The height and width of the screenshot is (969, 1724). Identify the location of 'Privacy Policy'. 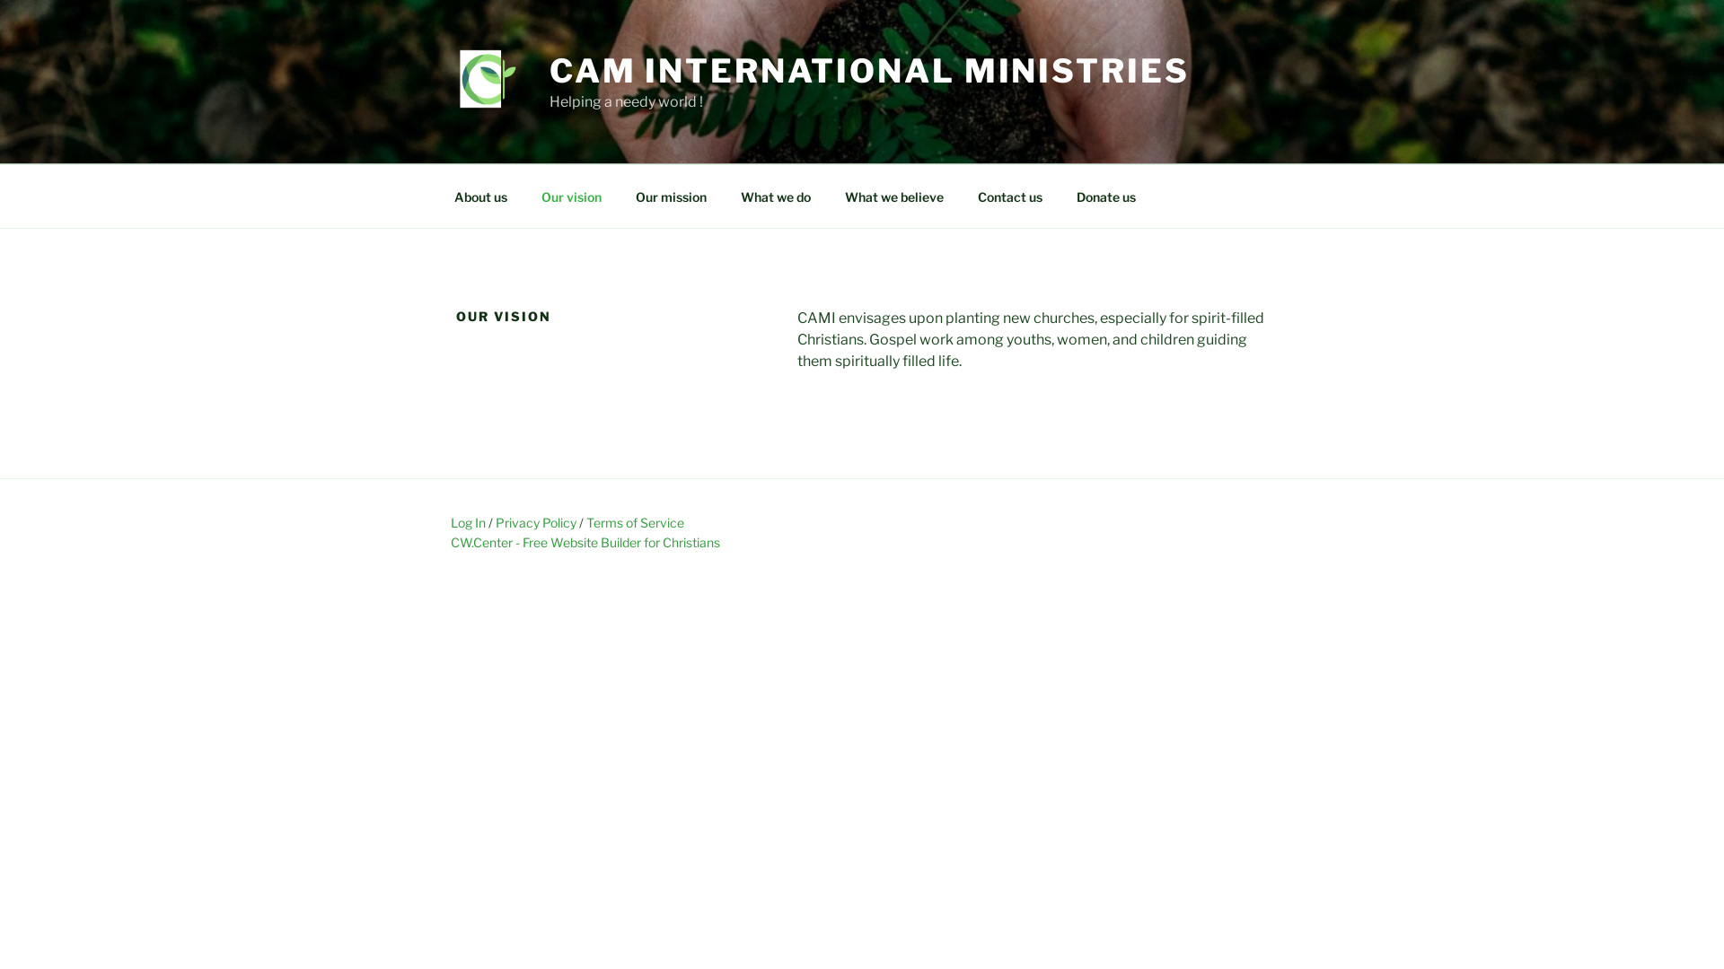
(496, 522).